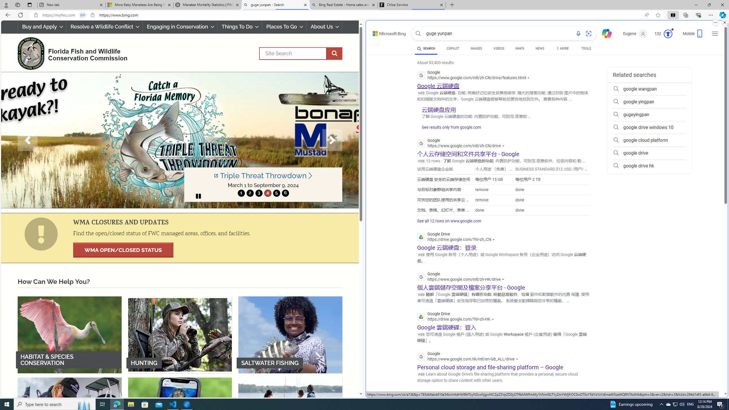 This screenshot has width=729, height=410. Describe the element at coordinates (426, 48) in the screenshot. I see `'SEARCH'` at that location.